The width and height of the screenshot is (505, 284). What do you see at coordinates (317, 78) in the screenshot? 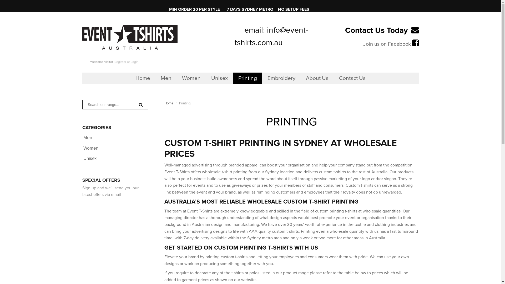
I see `'About Us'` at bounding box center [317, 78].